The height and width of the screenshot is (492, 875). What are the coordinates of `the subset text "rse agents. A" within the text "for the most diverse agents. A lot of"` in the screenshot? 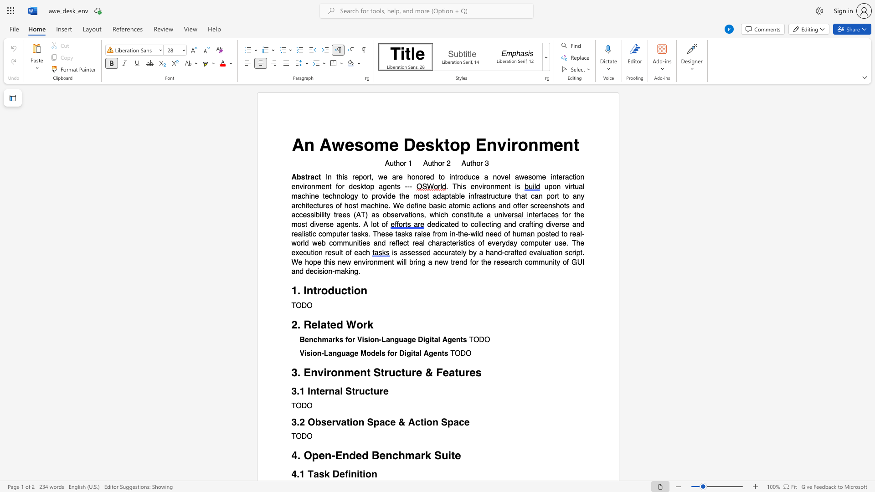 It's located at (323, 224).